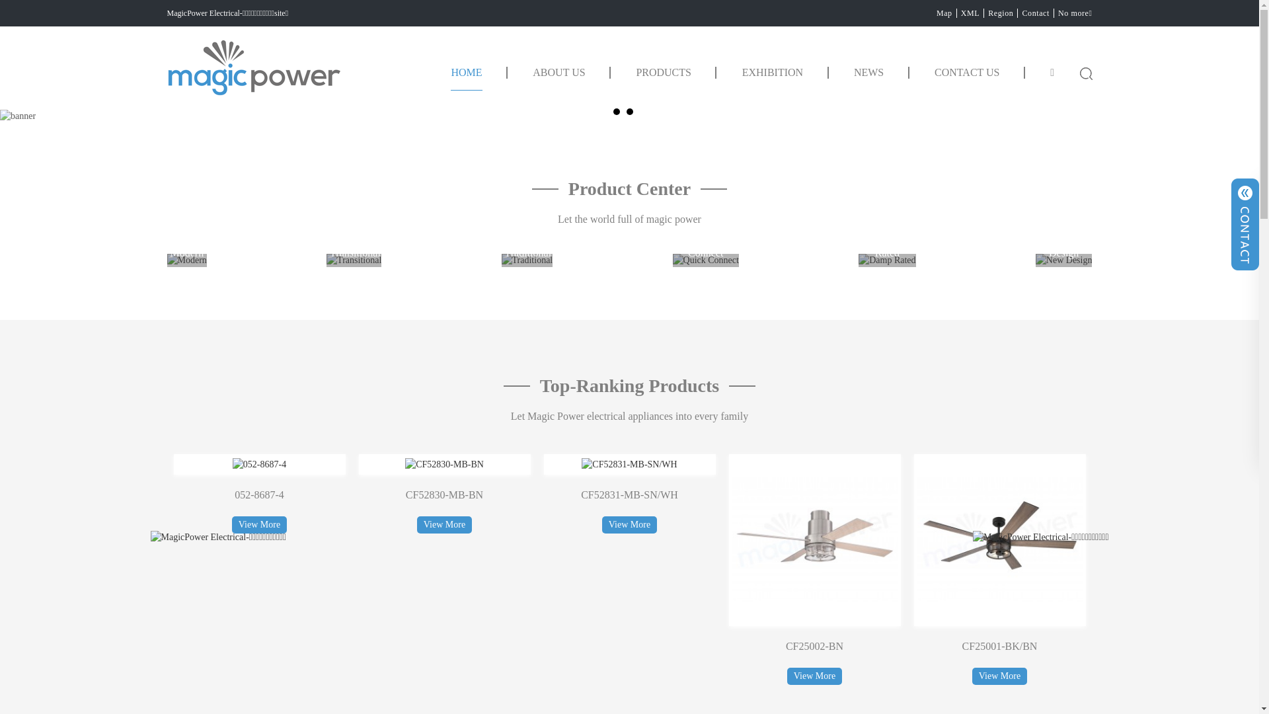 The width and height of the screenshot is (1269, 714). I want to click on 'HOME', so click(450, 78).